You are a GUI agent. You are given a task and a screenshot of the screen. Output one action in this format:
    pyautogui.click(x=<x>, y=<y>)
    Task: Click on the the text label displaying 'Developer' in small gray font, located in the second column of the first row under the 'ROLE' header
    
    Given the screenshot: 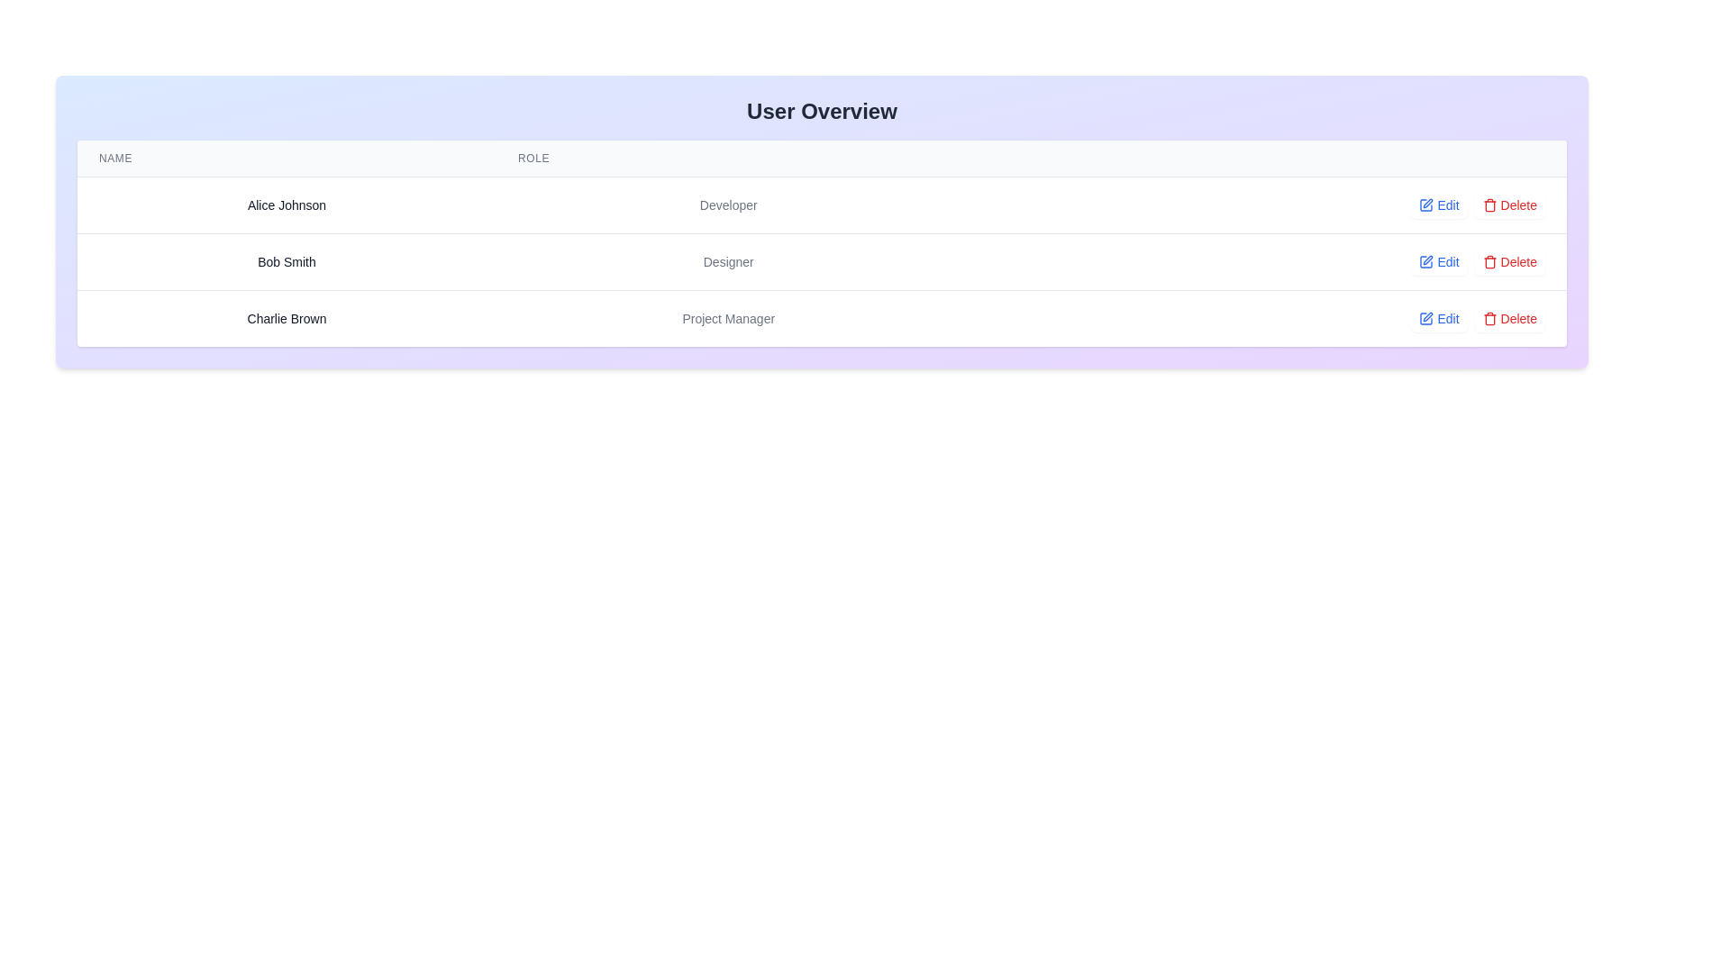 What is the action you would take?
    pyautogui.click(x=728, y=204)
    